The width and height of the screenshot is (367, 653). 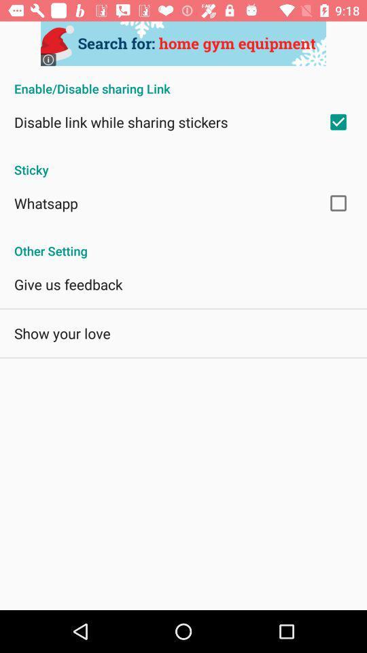 What do you see at coordinates (183, 44) in the screenshot?
I see `share the artcle` at bounding box center [183, 44].